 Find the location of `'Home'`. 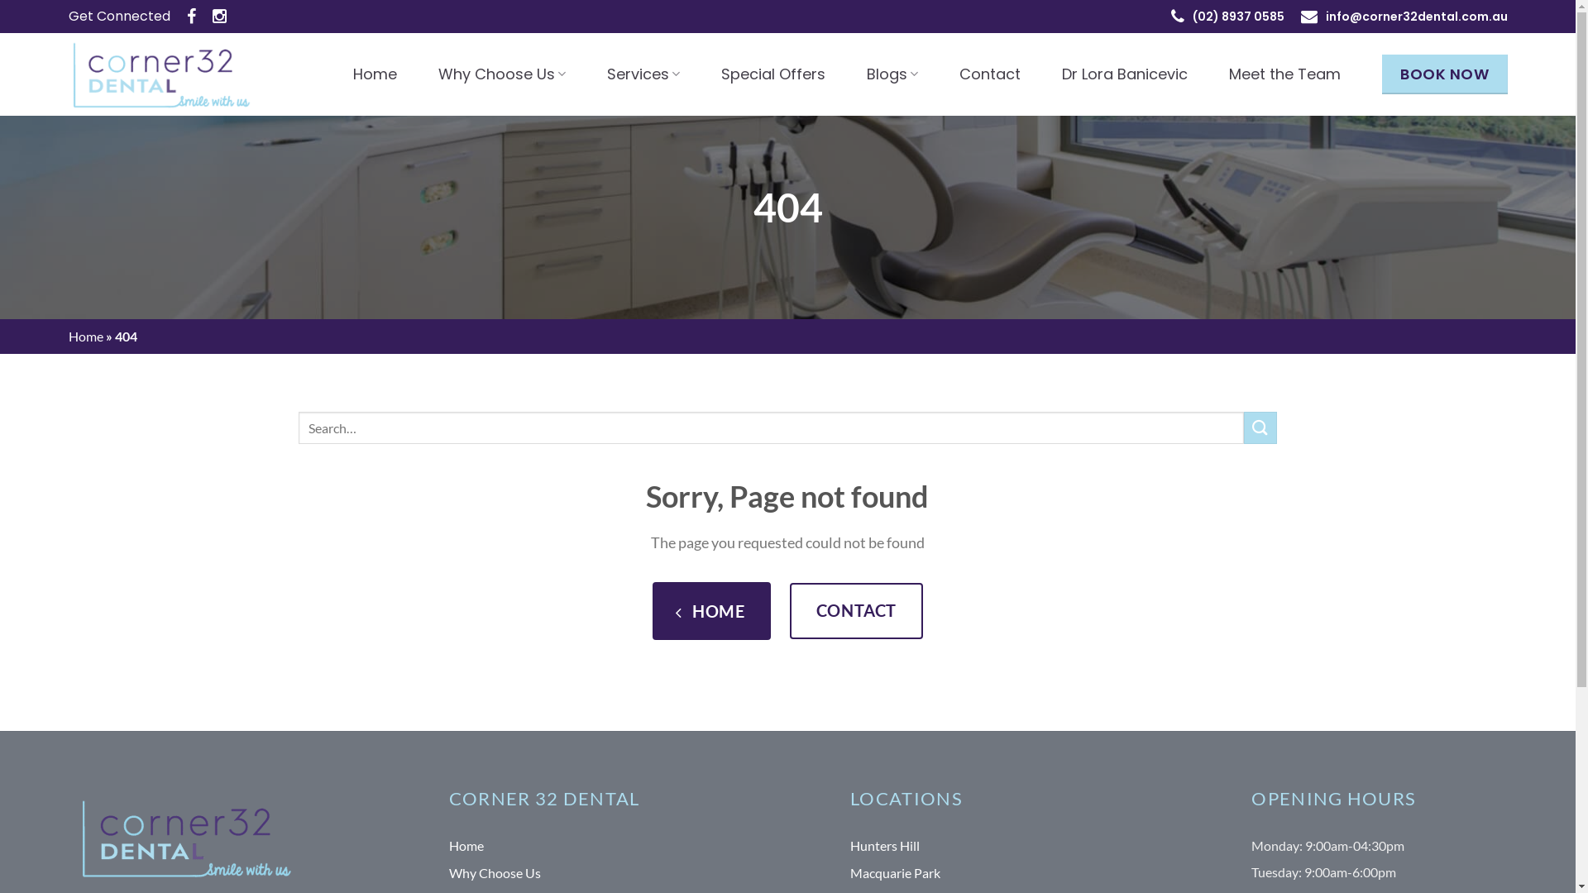

'Home' is located at coordinates (84, 335).